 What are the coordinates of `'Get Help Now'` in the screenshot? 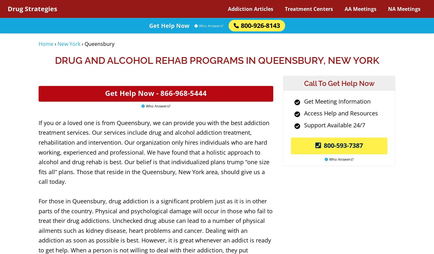 It's located at (168, 25).